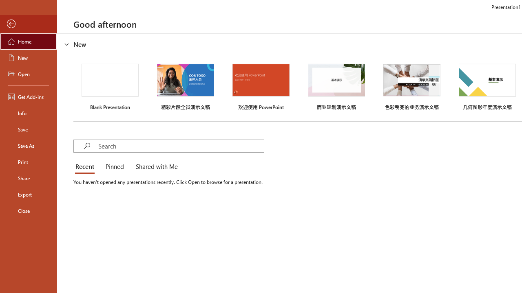 This screenshot has height=293, width=522. Describe the element at coordinates (28, 24) in the screenshot. I see `'Back'` at that location.